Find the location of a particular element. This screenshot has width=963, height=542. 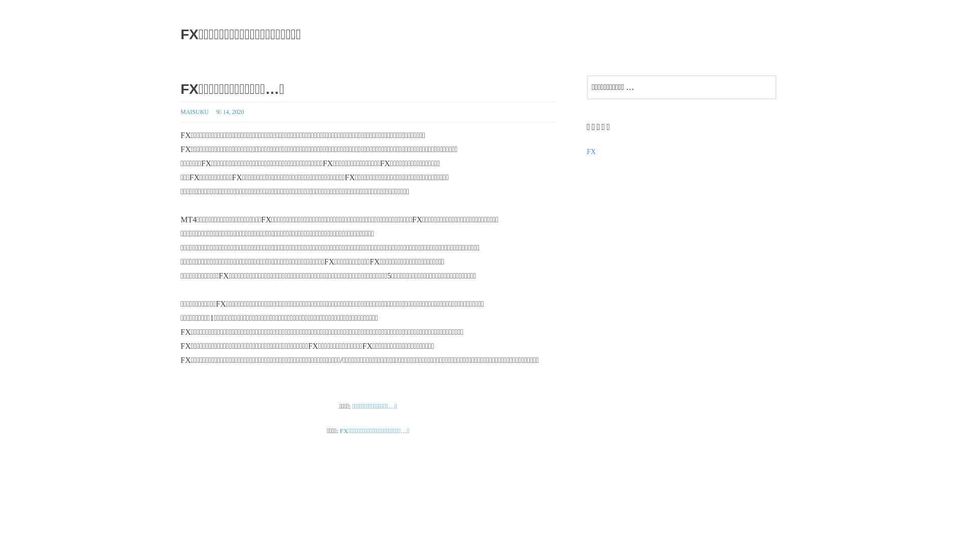

'FX' is located at coordinates (591, 151).